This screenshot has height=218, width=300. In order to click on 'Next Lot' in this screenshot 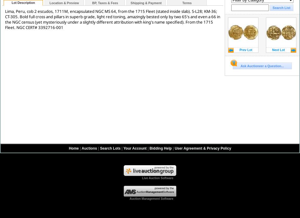, I will do `click(272, 50)`.